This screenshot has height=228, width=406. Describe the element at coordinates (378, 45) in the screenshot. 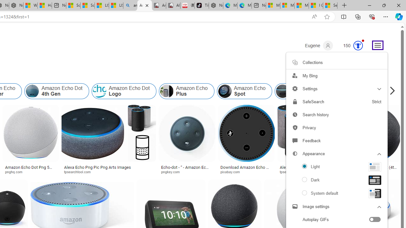

I see `'Settings and quick links'` at that location.